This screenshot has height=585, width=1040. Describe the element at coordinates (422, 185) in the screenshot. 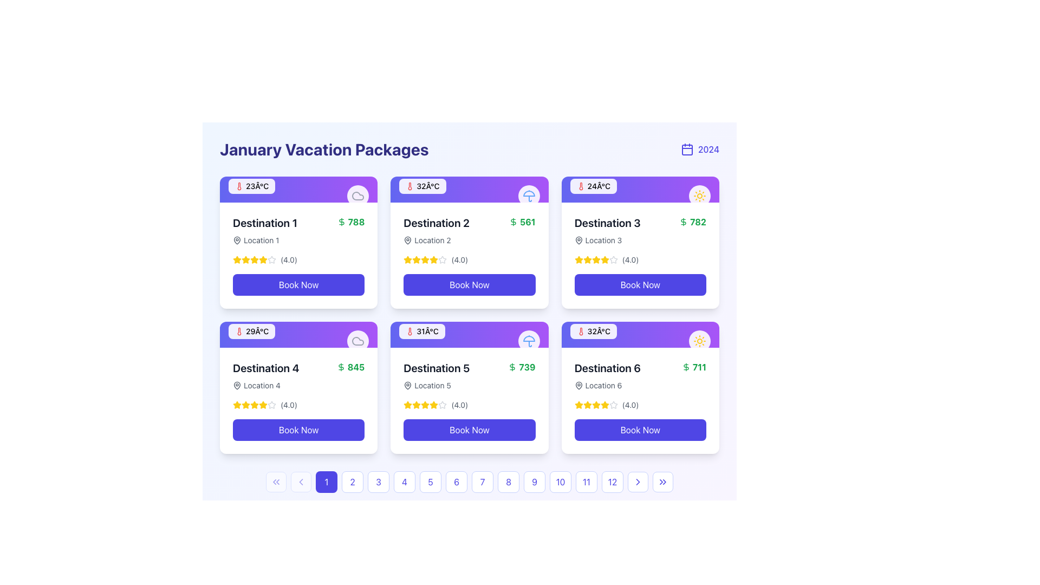

I see `the Temperature Display Widget for 'Destination 2', located in the top-left corner of the purple header area, adjacent to the umbrella icon` at that location.